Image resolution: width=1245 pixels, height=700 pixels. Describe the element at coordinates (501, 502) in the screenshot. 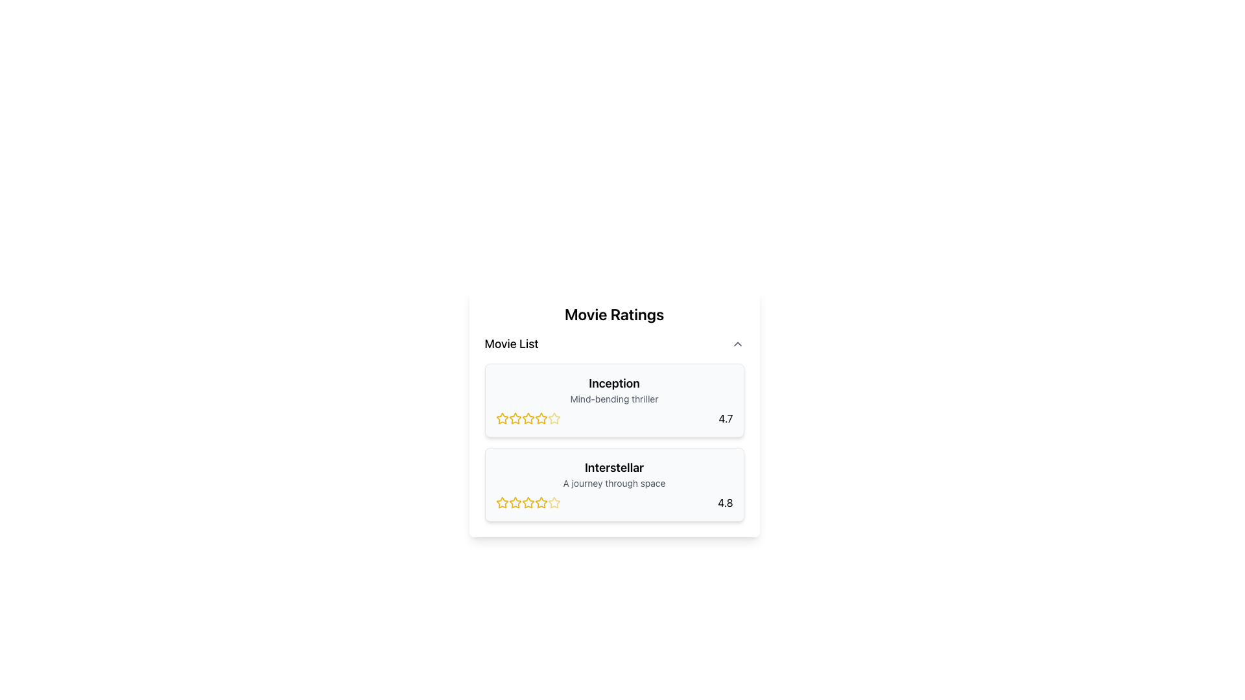

I see `the first golden star icon in the rating system for the movie 'Interstellar', located in the second row under the title 'Interstellar'` at that location.